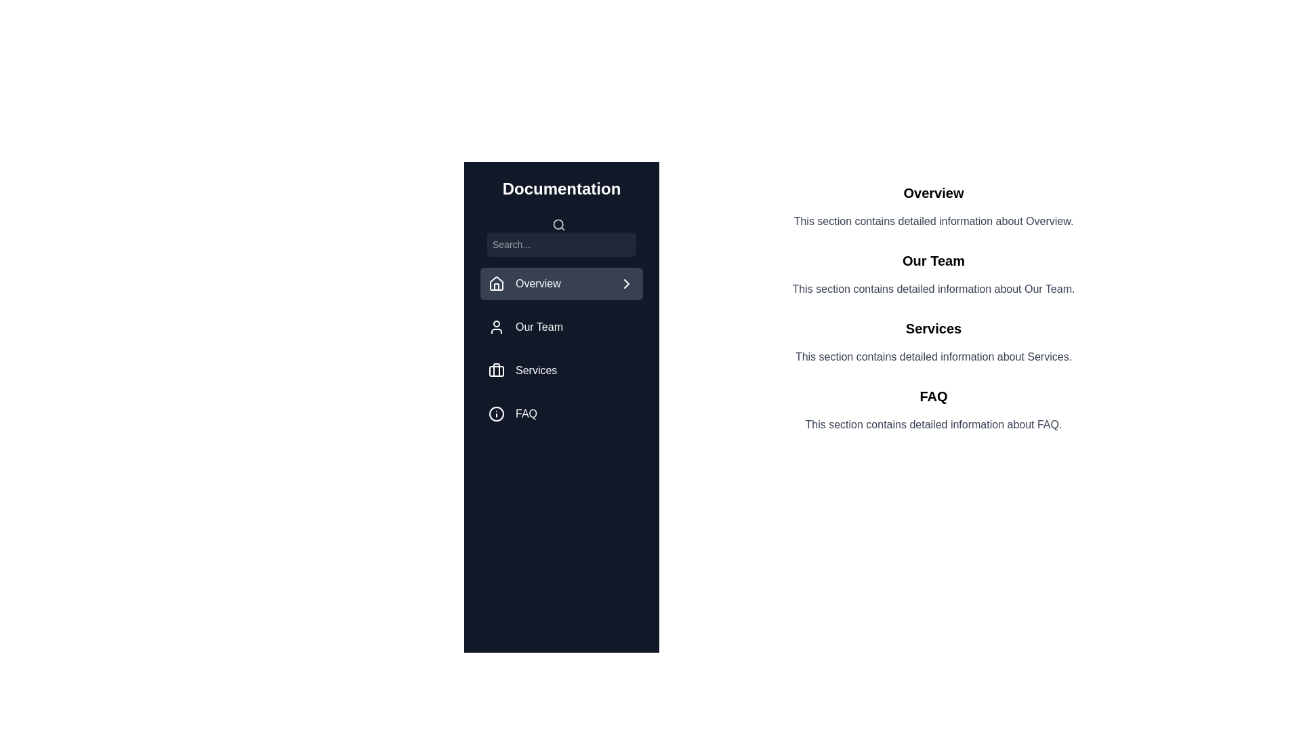 The width and height of the screenshot is (1301, 732). Describe the element at coordinates (539, 327) in the screenshot. I see `the 'Our Team' menu label in the navigation menu for accessibility navigation` at that location.